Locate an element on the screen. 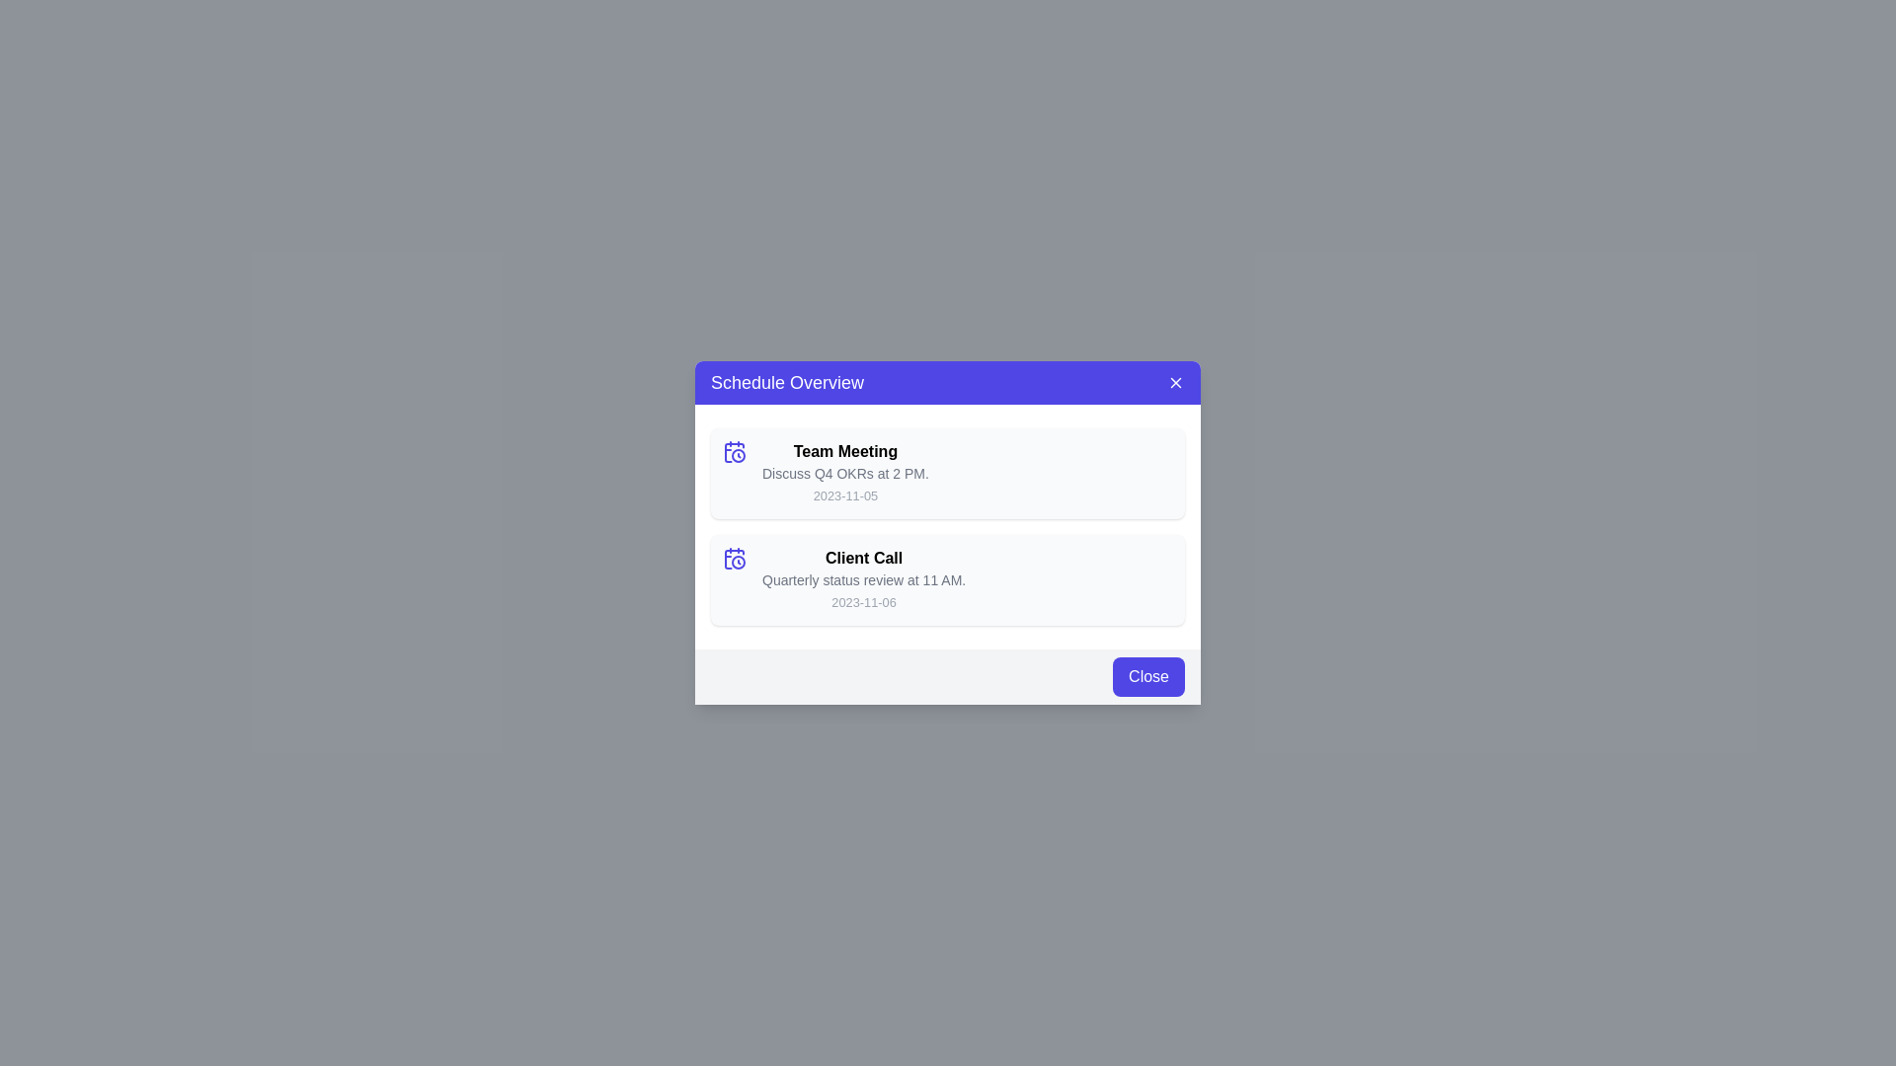 Image resolution: width=1896 pixels, height=1066 pixels. the close button located at the top-right corner of the purple header bar of the 'Schedule Overview' modal is located at coordinates (1175, 383).